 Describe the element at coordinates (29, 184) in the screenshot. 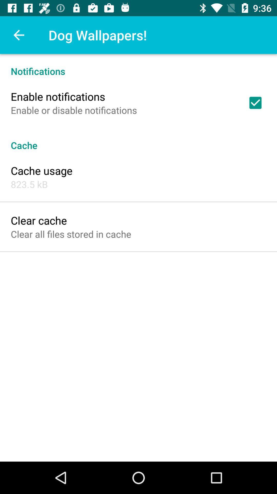

I see `the icon above clear cache` at that location.